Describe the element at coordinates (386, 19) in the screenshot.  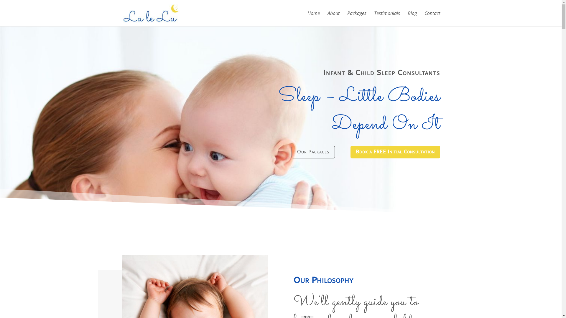
I see `'Testimonials'` at that location.